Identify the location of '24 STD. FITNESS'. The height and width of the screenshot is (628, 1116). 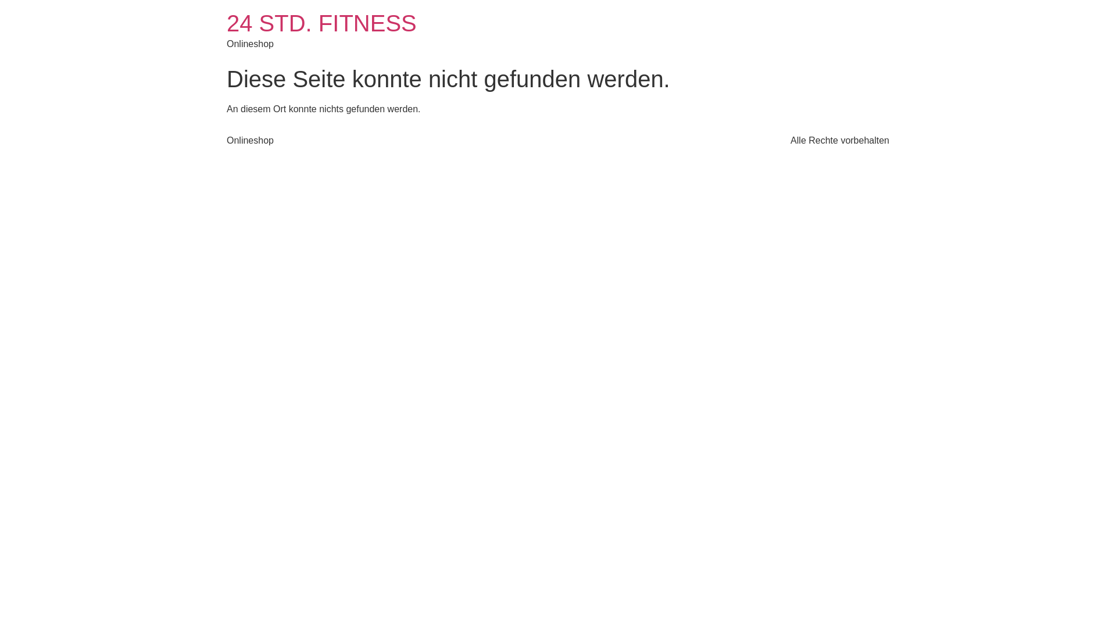
(321, 23).